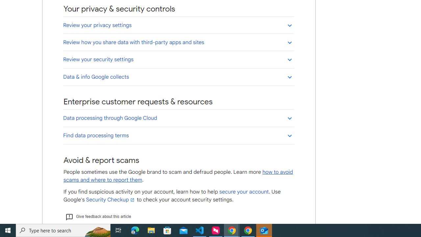  What do you see at coordinates (111, 199) in the screenshot?
I see `'Security Checkup'` at bounding box center [111, 199].